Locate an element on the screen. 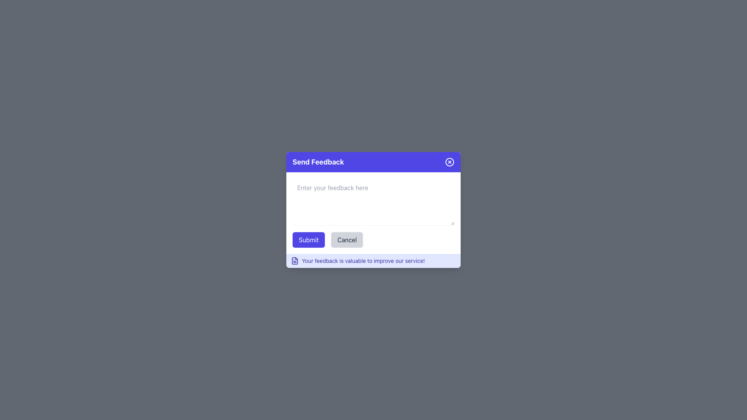 The height and width of the screenshot is (420, 747). the Informational Message Bar at the bottom of the feedback modal, which features a light indigo background and dark indigo text stating 'Your feedback is valuable to improve our service!' is located at coordinates (373, 261).